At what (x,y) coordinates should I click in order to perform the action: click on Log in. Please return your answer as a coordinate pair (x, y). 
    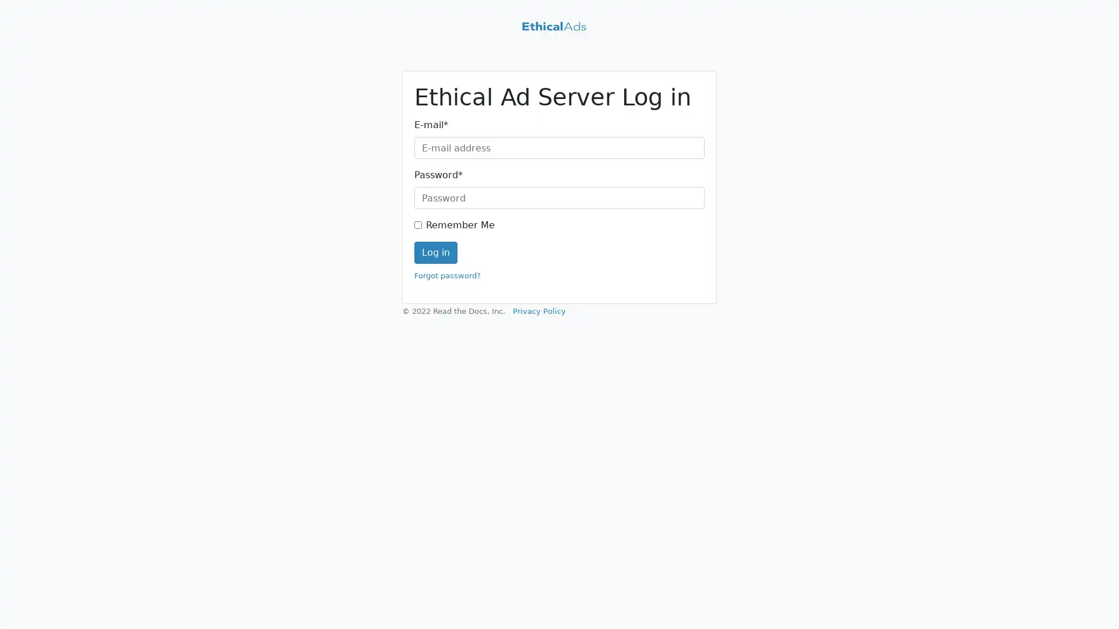
    Looking at the image, I should click on (435, 252).